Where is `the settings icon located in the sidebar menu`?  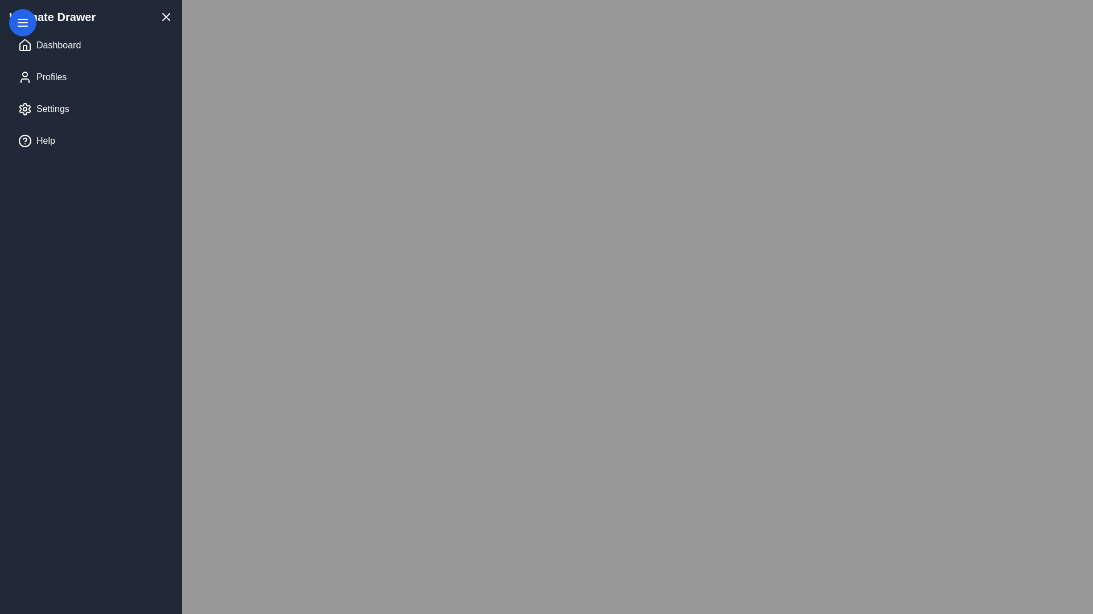
the settings icon located in the sidebar menu is located at coordinates (24, 109).